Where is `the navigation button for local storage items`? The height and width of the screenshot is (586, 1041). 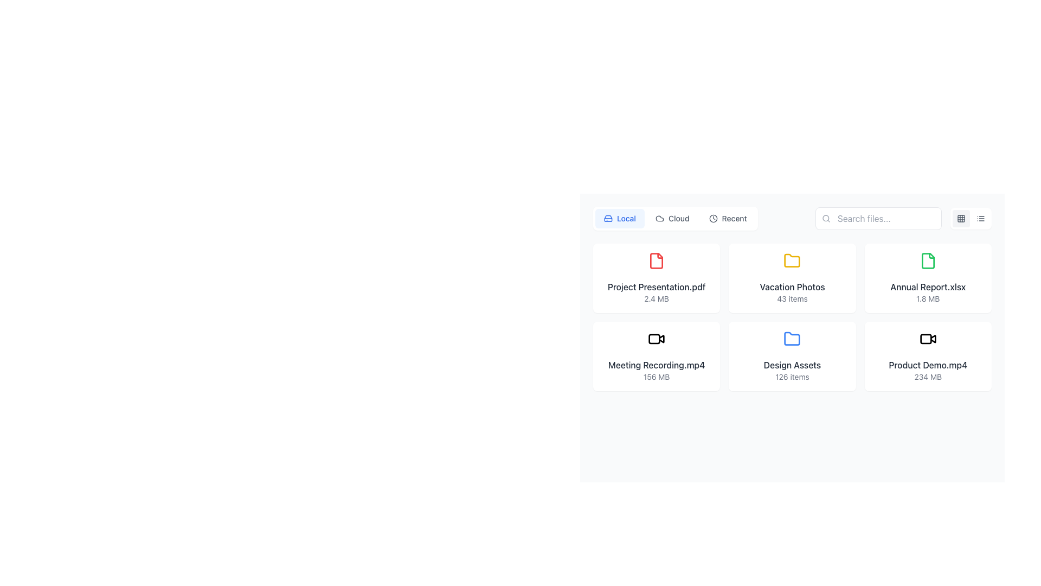
the navigation button for local storage items is located at coordinates (620, 218).